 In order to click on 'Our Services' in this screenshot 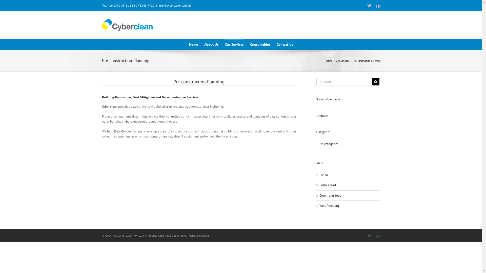, I will do `click(234, 44)`.